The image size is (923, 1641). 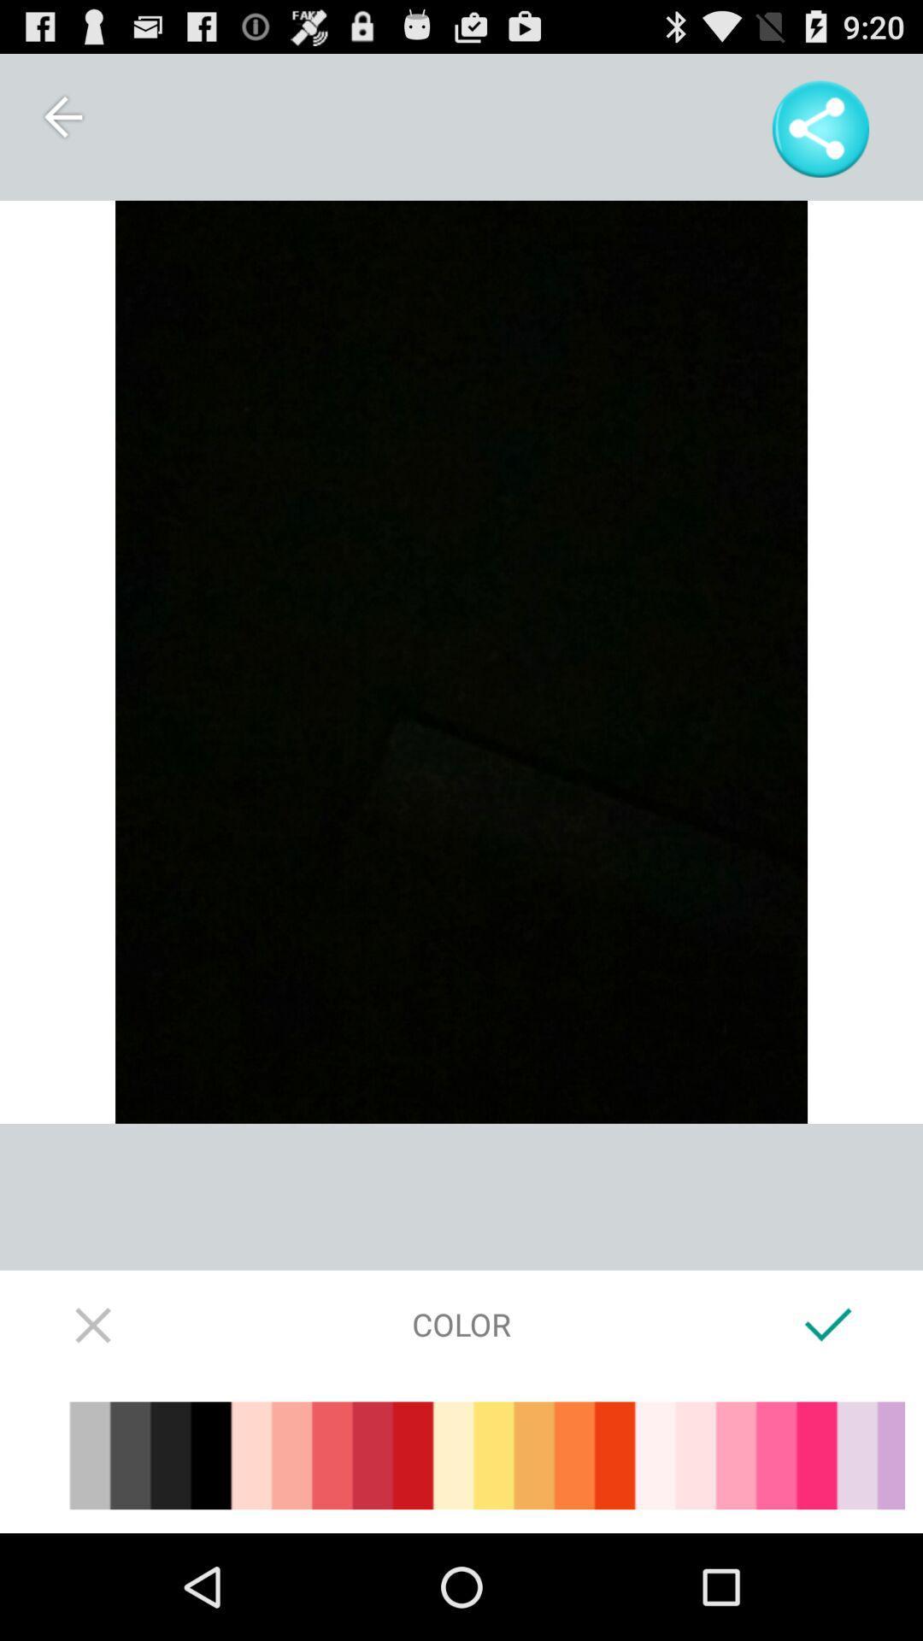 What do you see at coordinates (827, 1323) in the screenshot?
I see `icon to the right of the color item` at bounding box center [827, 1323].